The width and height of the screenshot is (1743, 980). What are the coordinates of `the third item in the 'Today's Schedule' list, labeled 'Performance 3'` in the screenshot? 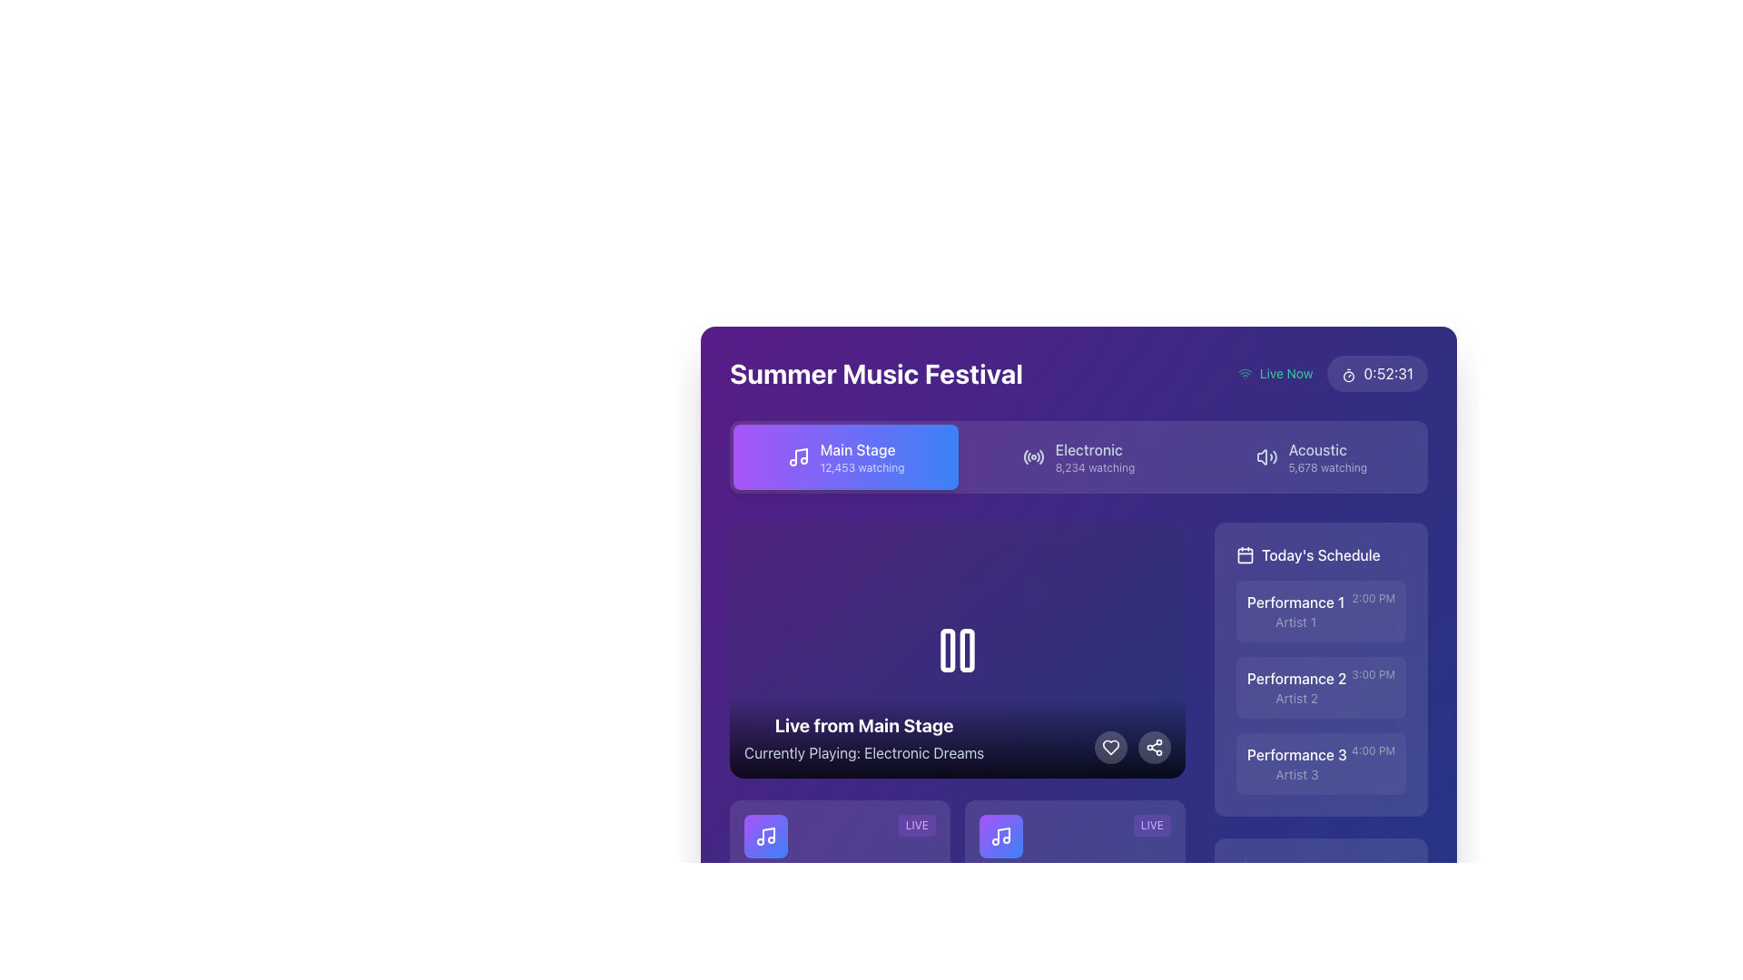 It's located at (1321, 763).